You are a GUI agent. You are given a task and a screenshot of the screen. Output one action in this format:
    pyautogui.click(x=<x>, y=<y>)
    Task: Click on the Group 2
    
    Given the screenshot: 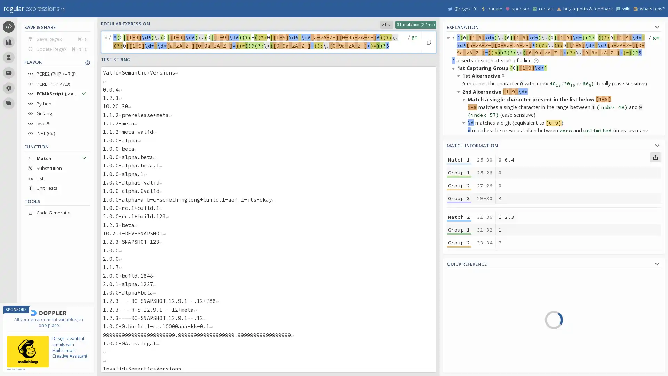 What is the action you would take?
    pyautogui.click(x=459, y=299)
    